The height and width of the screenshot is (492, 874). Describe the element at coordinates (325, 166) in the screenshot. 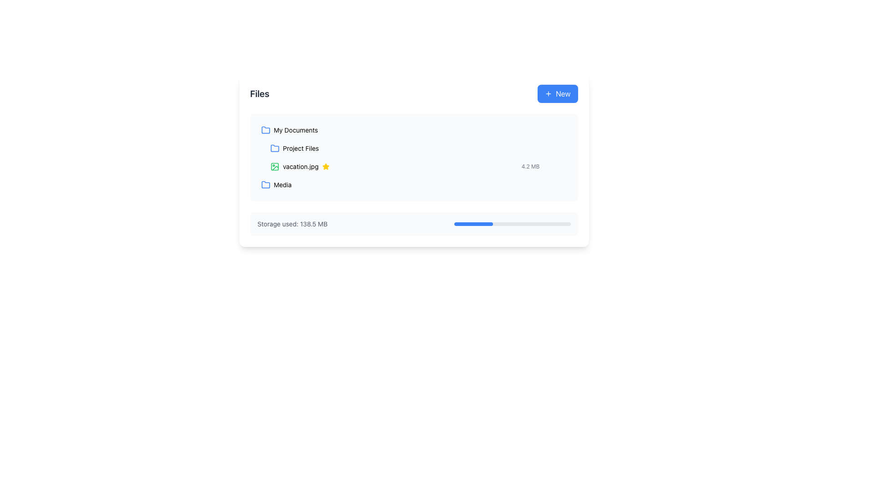

I see `the status icon located to the right of the file name 'vacation.jpg' in the file listing area` at that location.